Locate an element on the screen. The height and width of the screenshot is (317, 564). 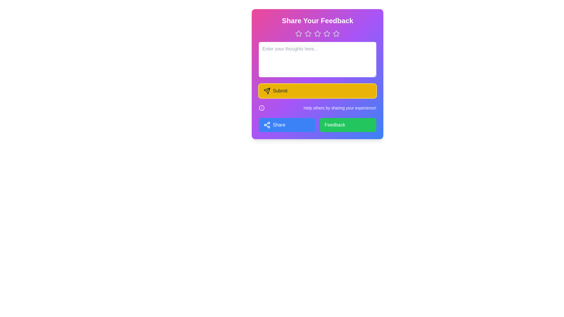
the third star-shaped rating icon with a purple fill and white border, located at the top of the feedback form is located at coordinates (317, 33).